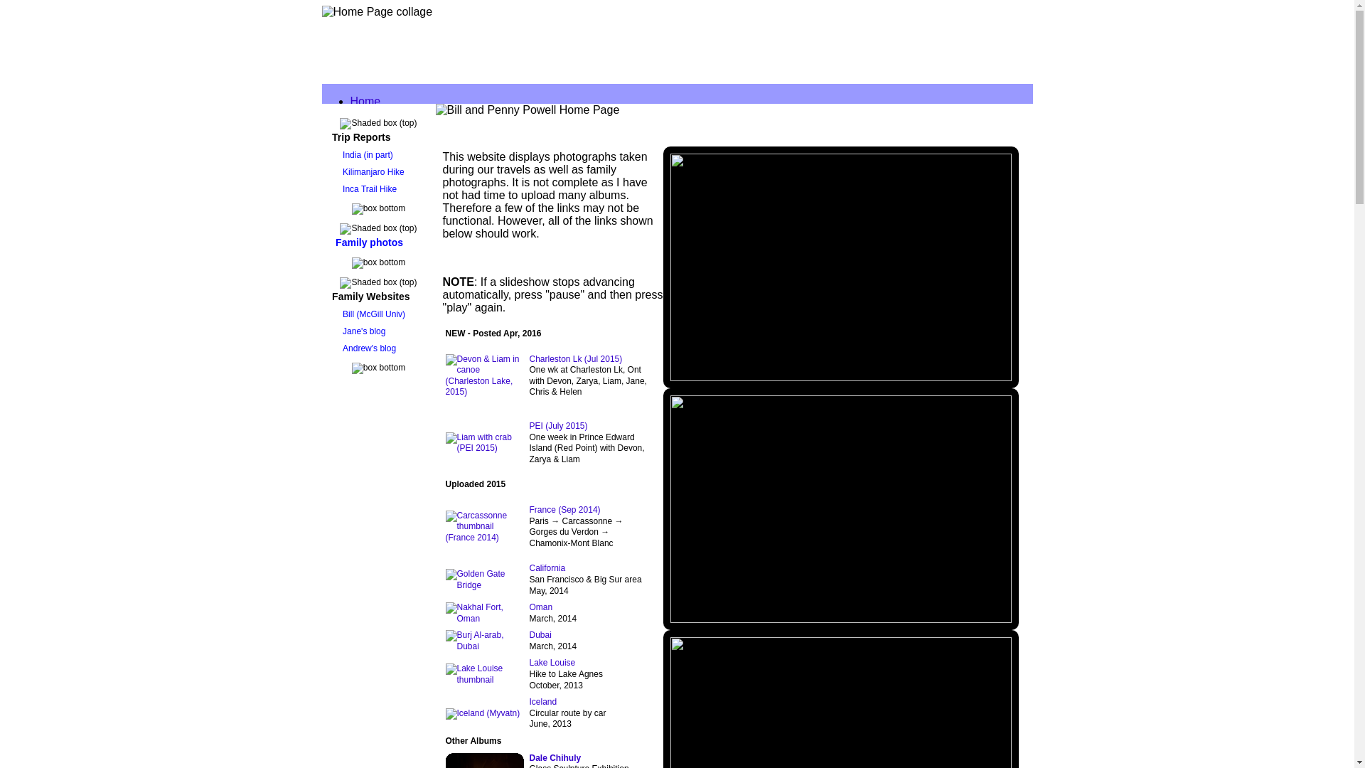 The image size is (1365, 768). I want to click on 'India (in part)', so click(365, 155).